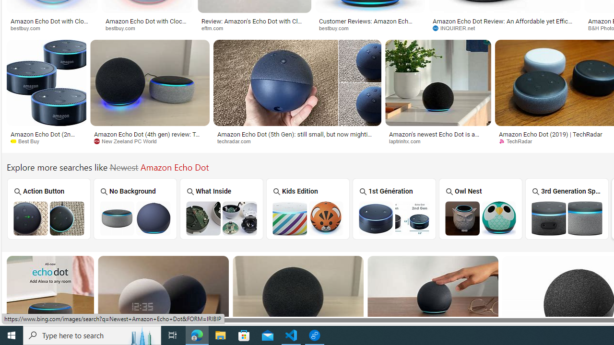 The height and width of the screenshot is (345, 614). What do you see at coordinates (481, 218) in the screenshot?
I see `'Amazon Echo Dot Owl and Nest'` at bounding box center [481, 218].